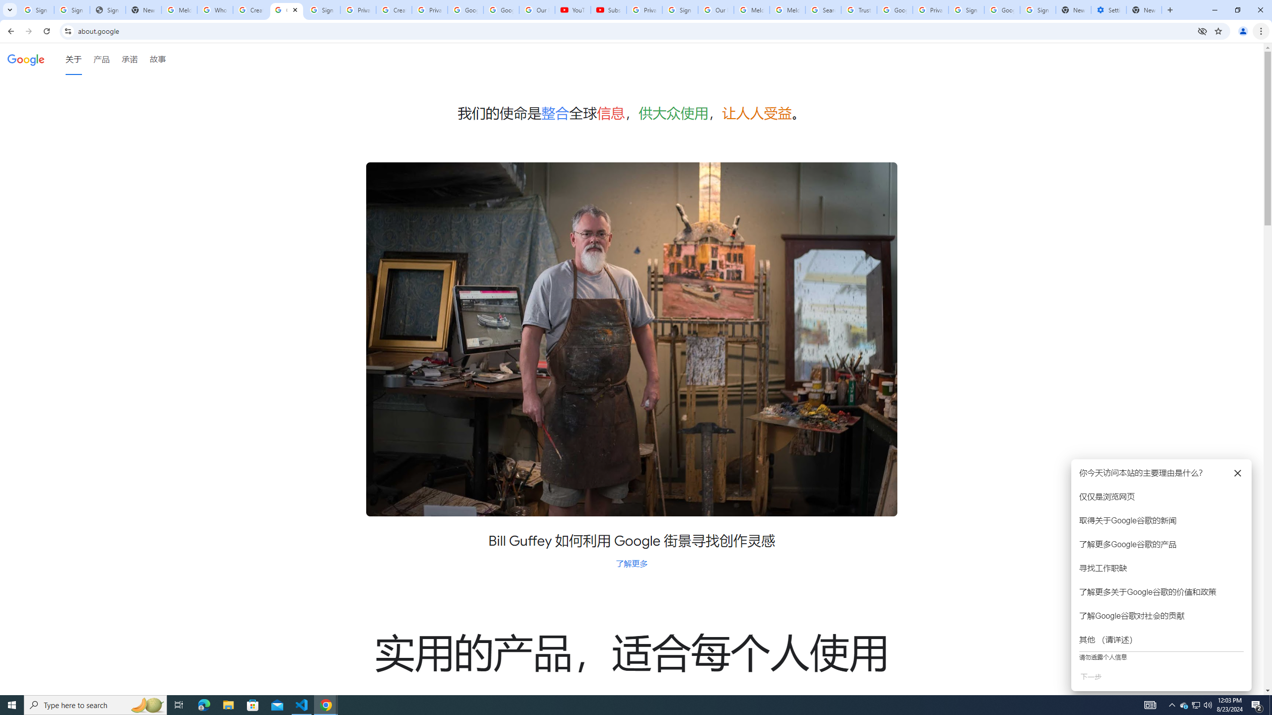 This screenshot has width=1272, height=715. What do you see at coordinates (1108, 9) in the screenshot?
I see `'Settings - Addresses and more'` at bounding box center [1108, 9].